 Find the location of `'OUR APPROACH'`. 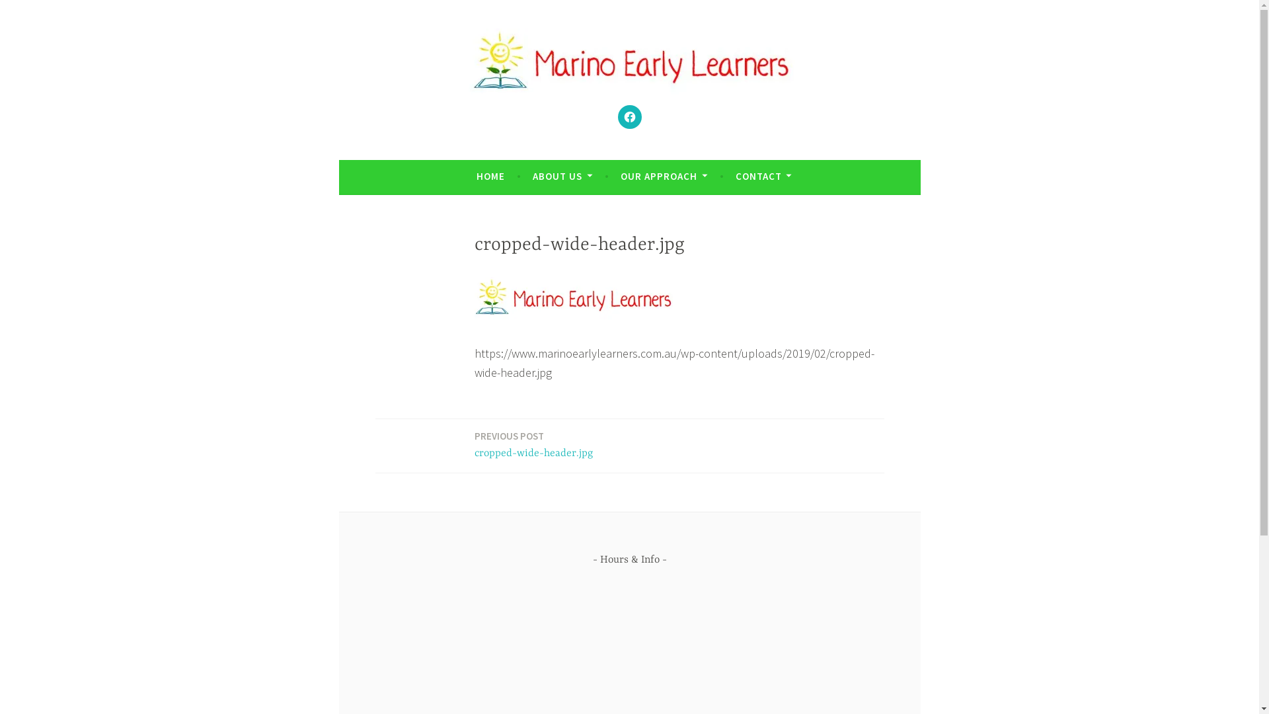

'OUR APPROACH' is located at coordinates (620, 175).